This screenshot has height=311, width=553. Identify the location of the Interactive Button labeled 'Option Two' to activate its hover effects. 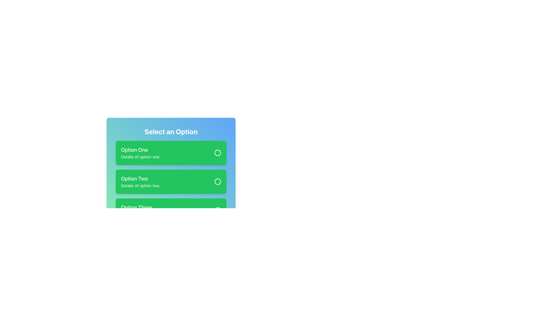
(171, 174).